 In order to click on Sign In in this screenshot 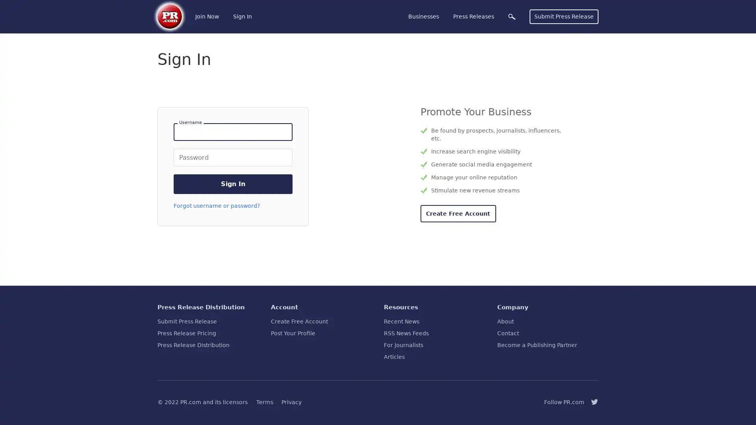, I will do `click(232, 184)`.